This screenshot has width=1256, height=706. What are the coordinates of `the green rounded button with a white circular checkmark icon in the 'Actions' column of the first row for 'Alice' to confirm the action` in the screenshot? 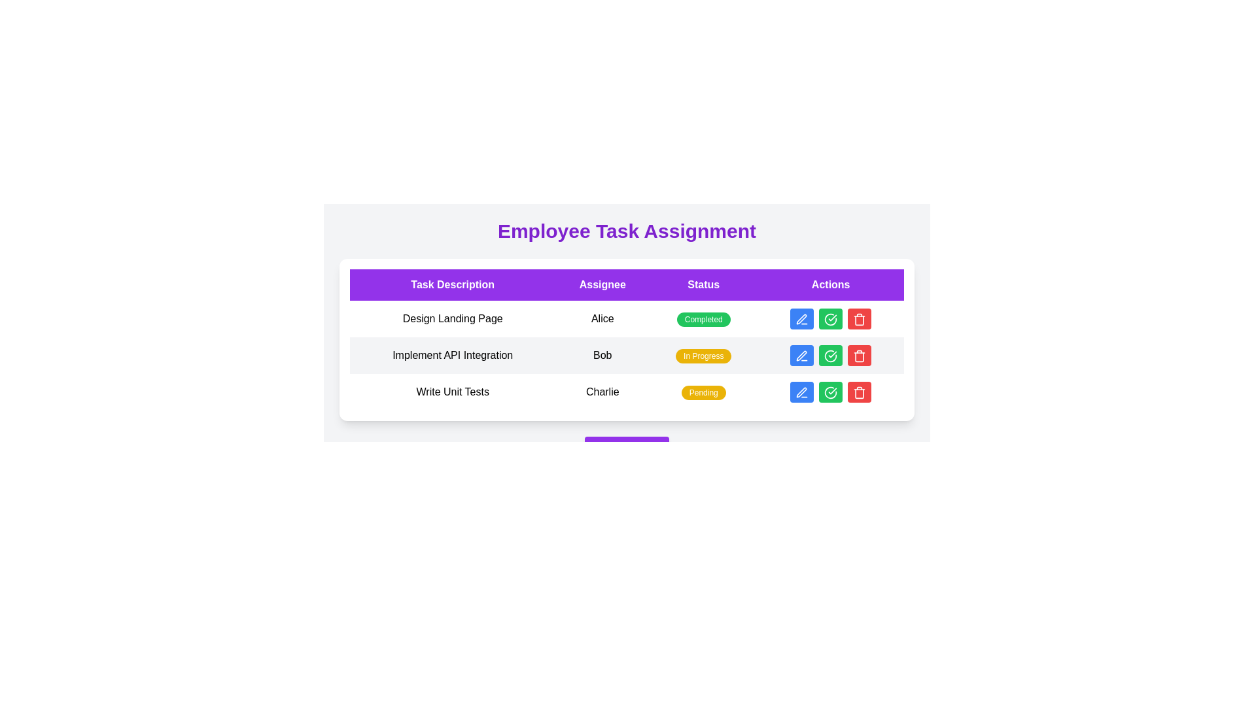 It's located at (830, 319).